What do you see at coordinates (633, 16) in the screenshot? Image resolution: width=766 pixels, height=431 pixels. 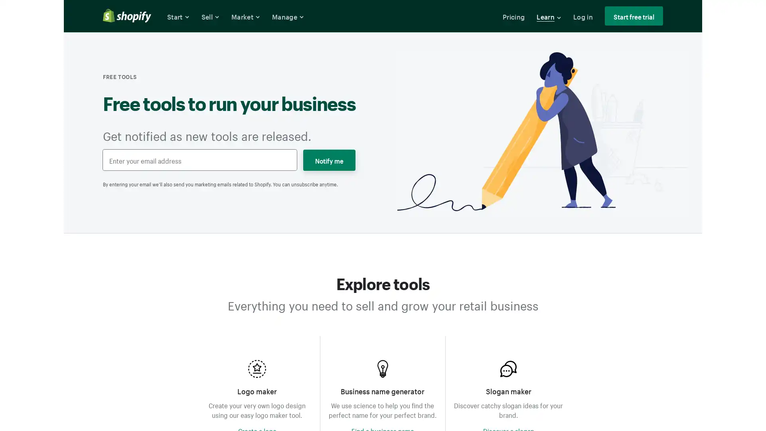 I see `Start free trial` at bounding box center [633, 16].